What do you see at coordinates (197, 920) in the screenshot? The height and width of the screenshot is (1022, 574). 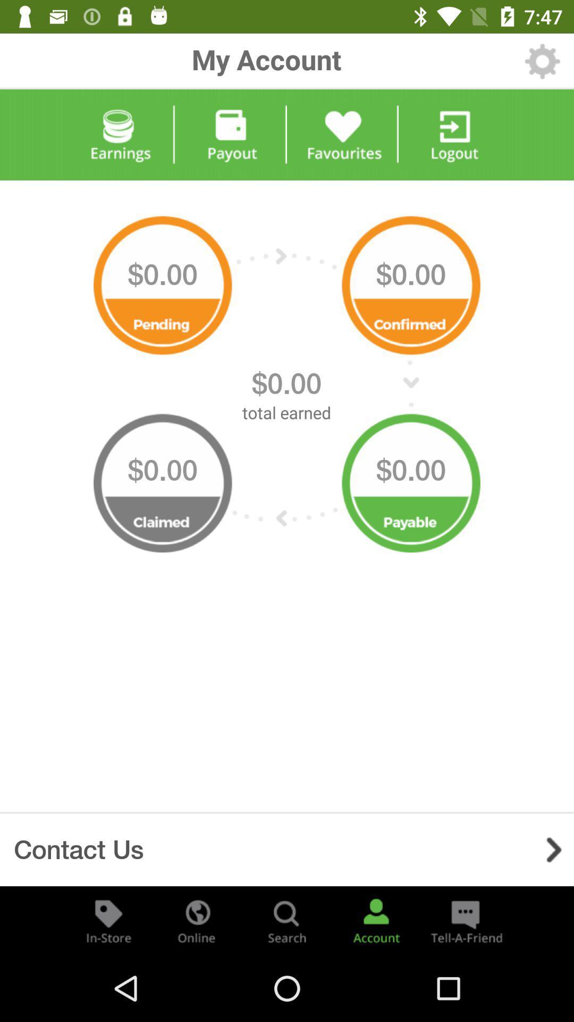 I see `display online options` at bounding box center [197, 920].